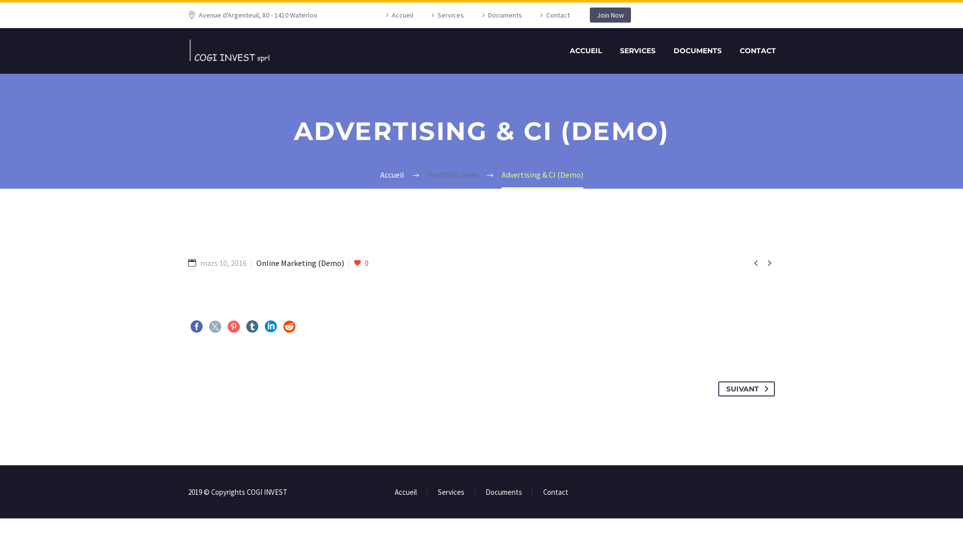 The height and width of the screenshot is (542, 963). I want to click on 'ACCUEIL', so click(585, 51).